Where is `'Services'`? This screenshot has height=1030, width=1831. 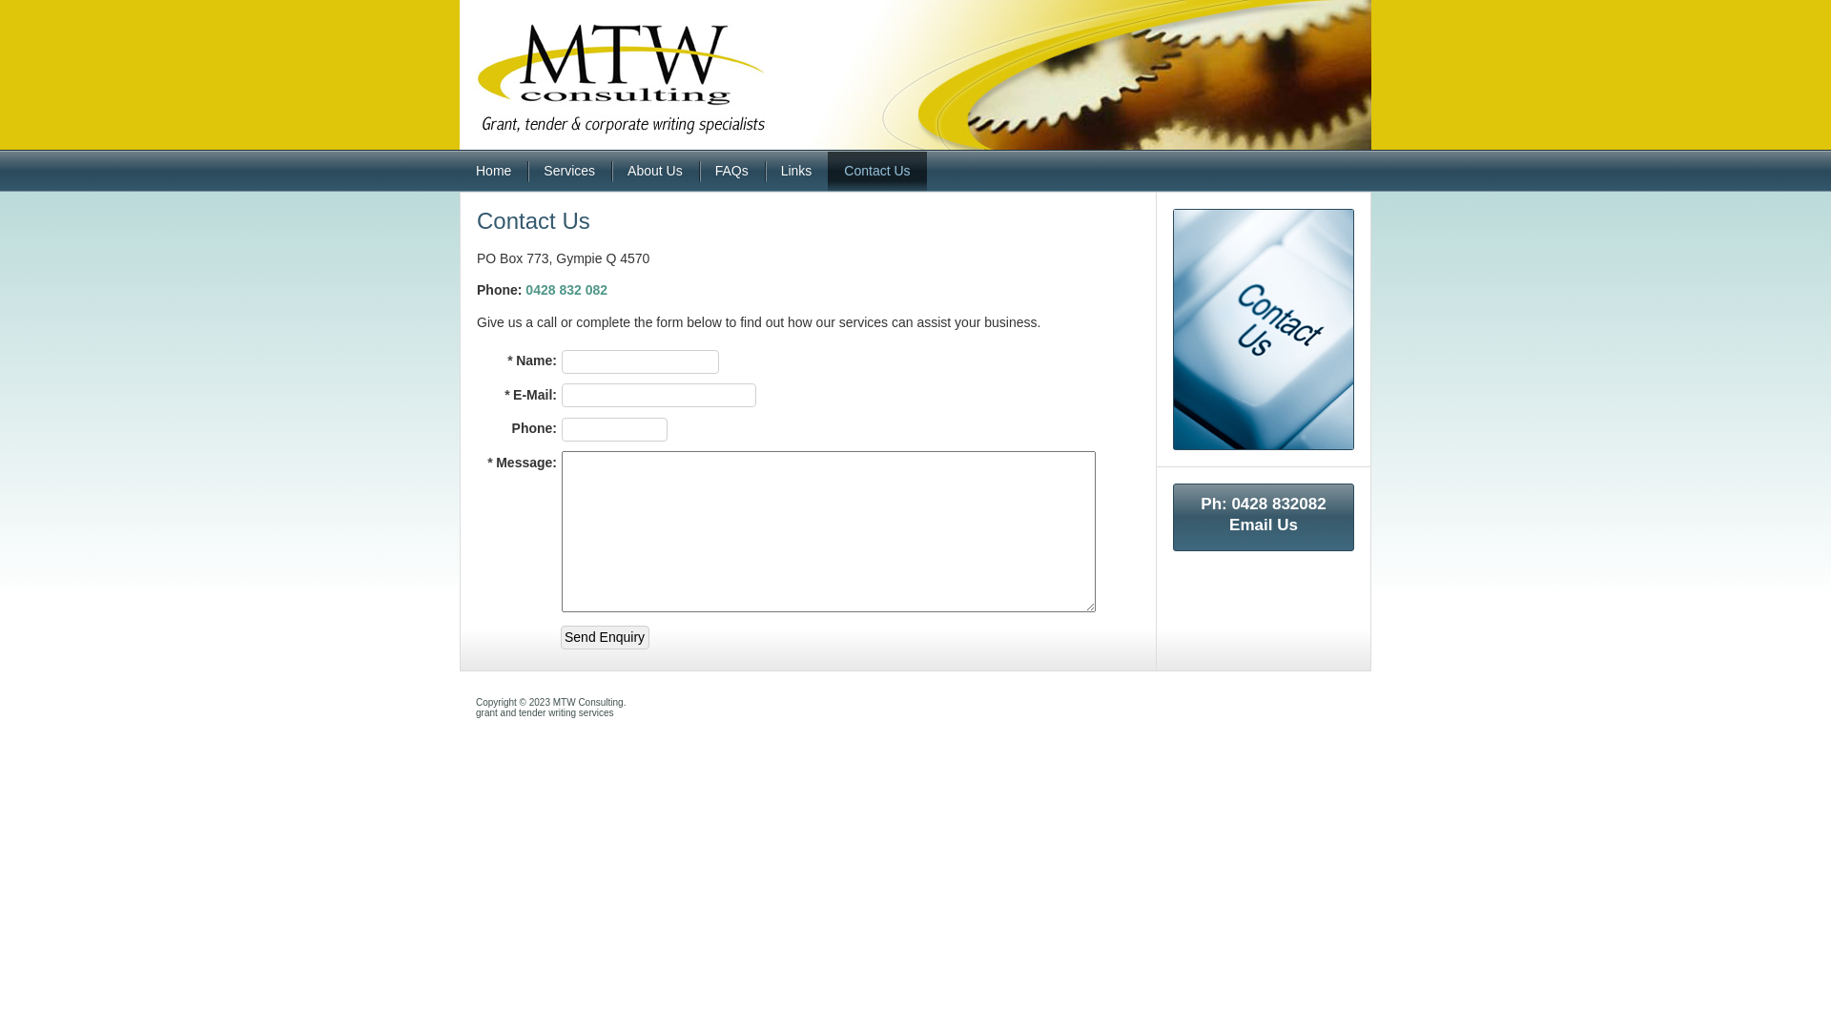 'Services' is located at coordinates (567, 170).